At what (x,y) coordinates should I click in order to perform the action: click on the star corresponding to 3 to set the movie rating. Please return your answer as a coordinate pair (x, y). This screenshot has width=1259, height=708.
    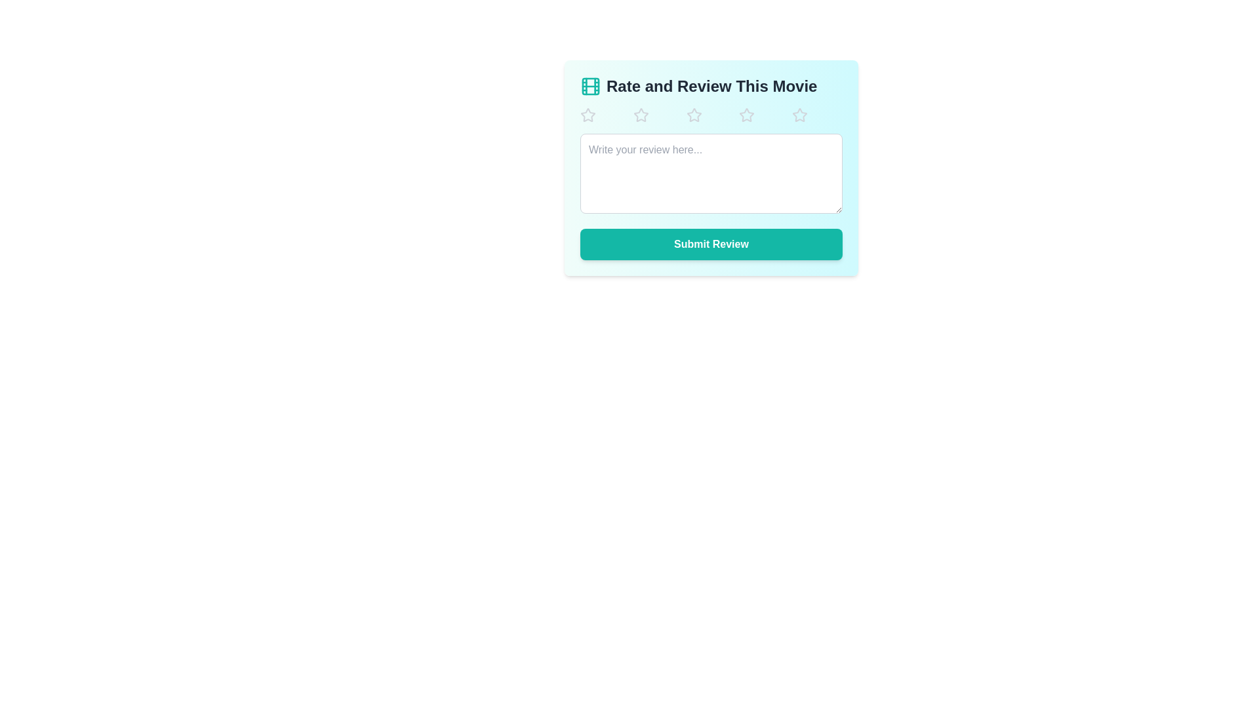
    Looking at the image, I should click on (710, 115).